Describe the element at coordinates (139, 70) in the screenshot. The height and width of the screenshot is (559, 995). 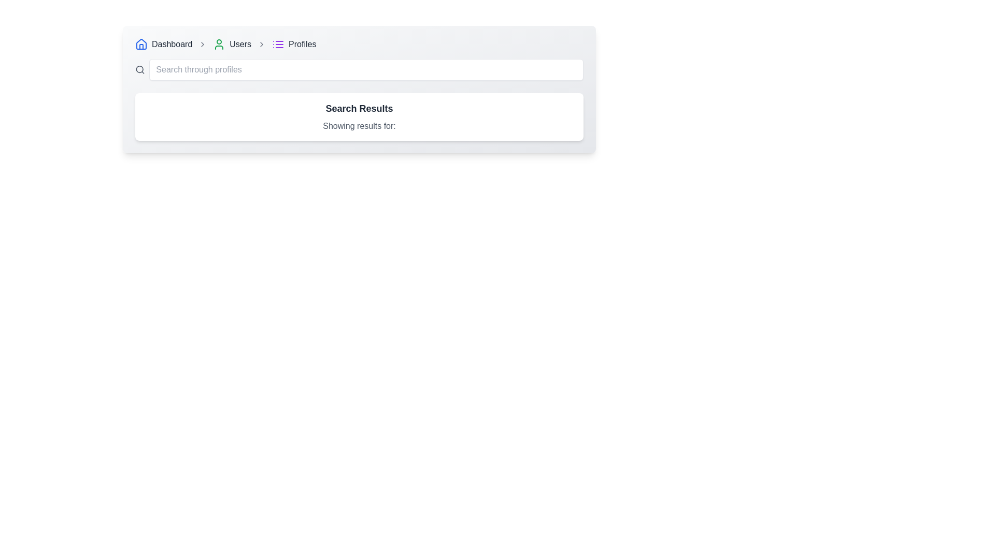
I see `the magnifying glass icon, which is a gray circular lens with a handle, located to the left of a text input field` at that location.